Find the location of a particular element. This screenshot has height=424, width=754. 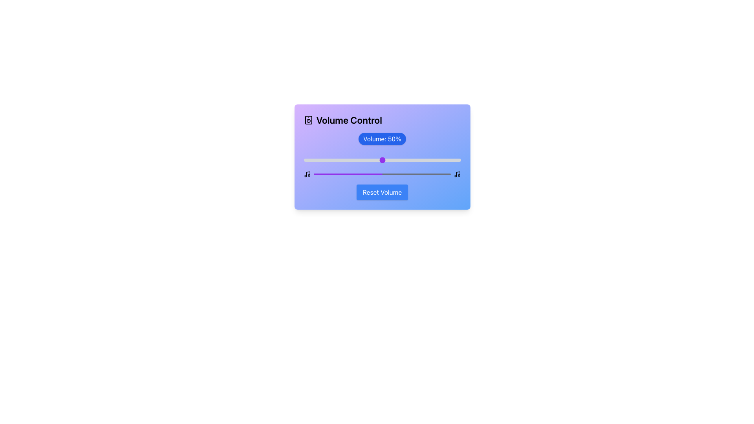

the speaker icon, which is the first icon to the left of the 'Volume Control' text in the title section at the top-left corner of the main card interface is located at coordinates (308, 120).